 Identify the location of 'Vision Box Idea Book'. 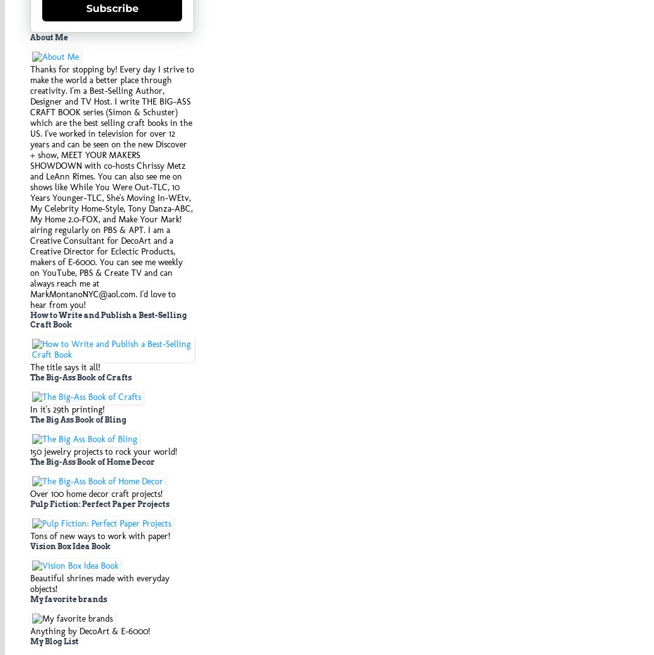
(29, 545).